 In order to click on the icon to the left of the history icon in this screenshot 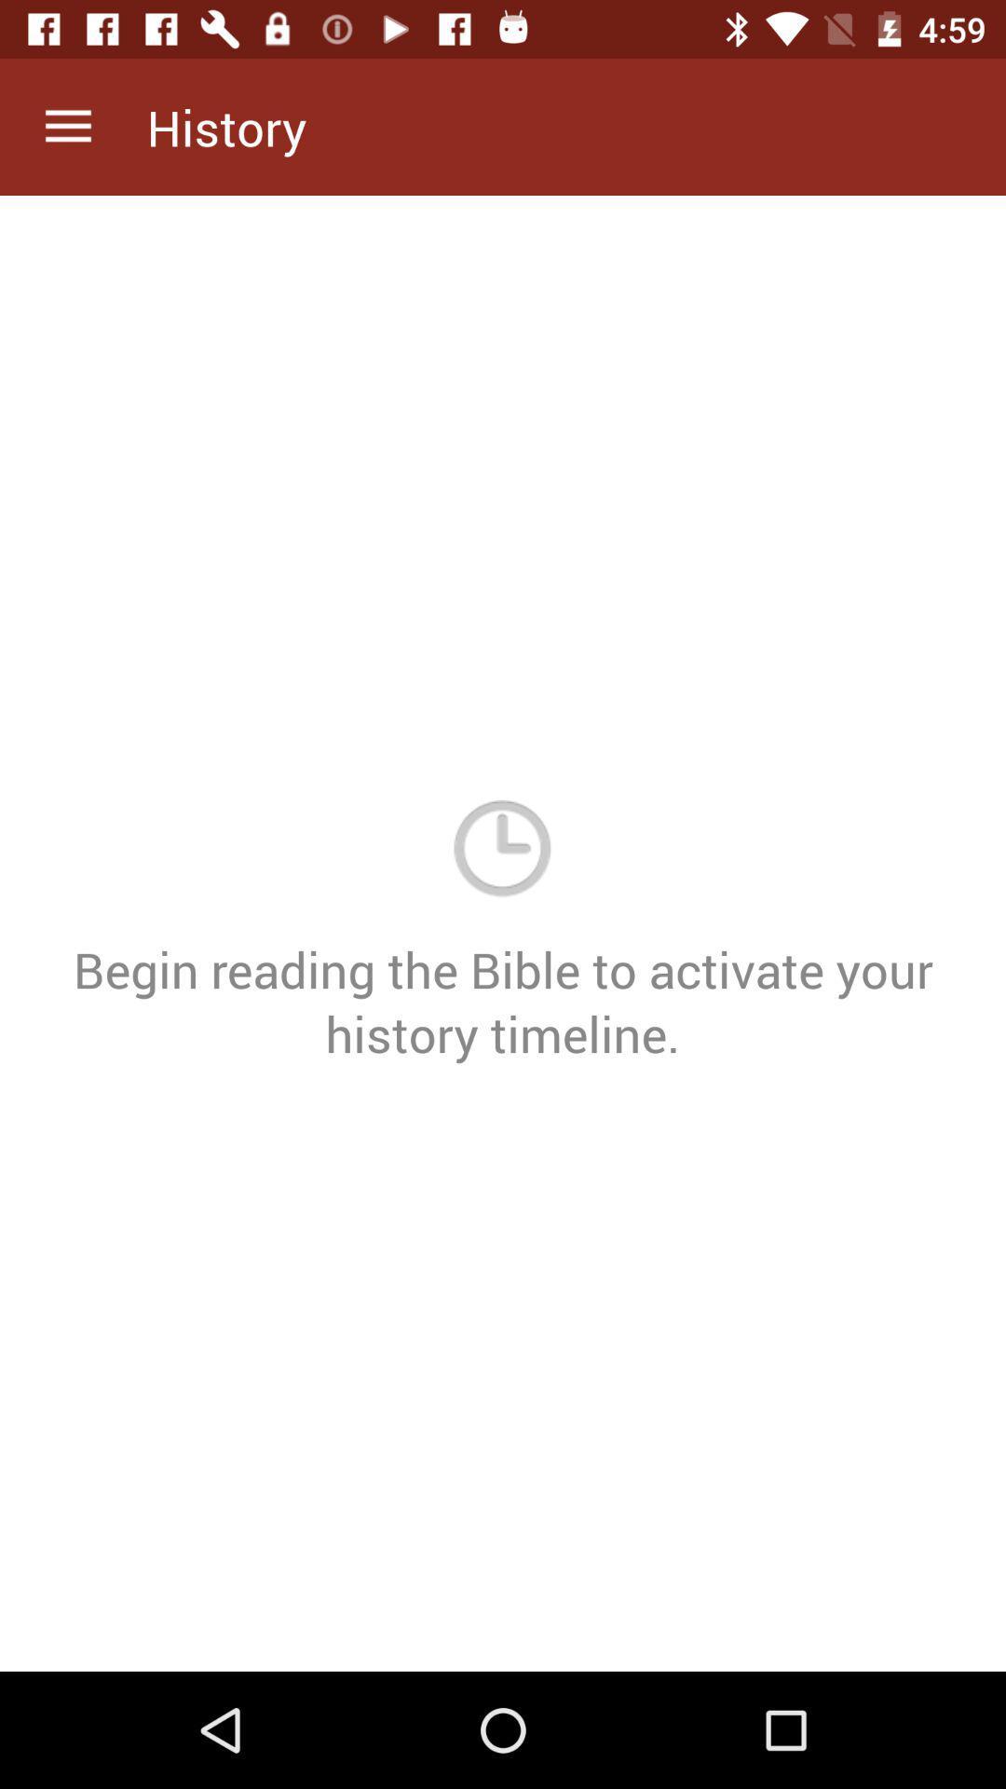, I will do `click(67, 126)`.